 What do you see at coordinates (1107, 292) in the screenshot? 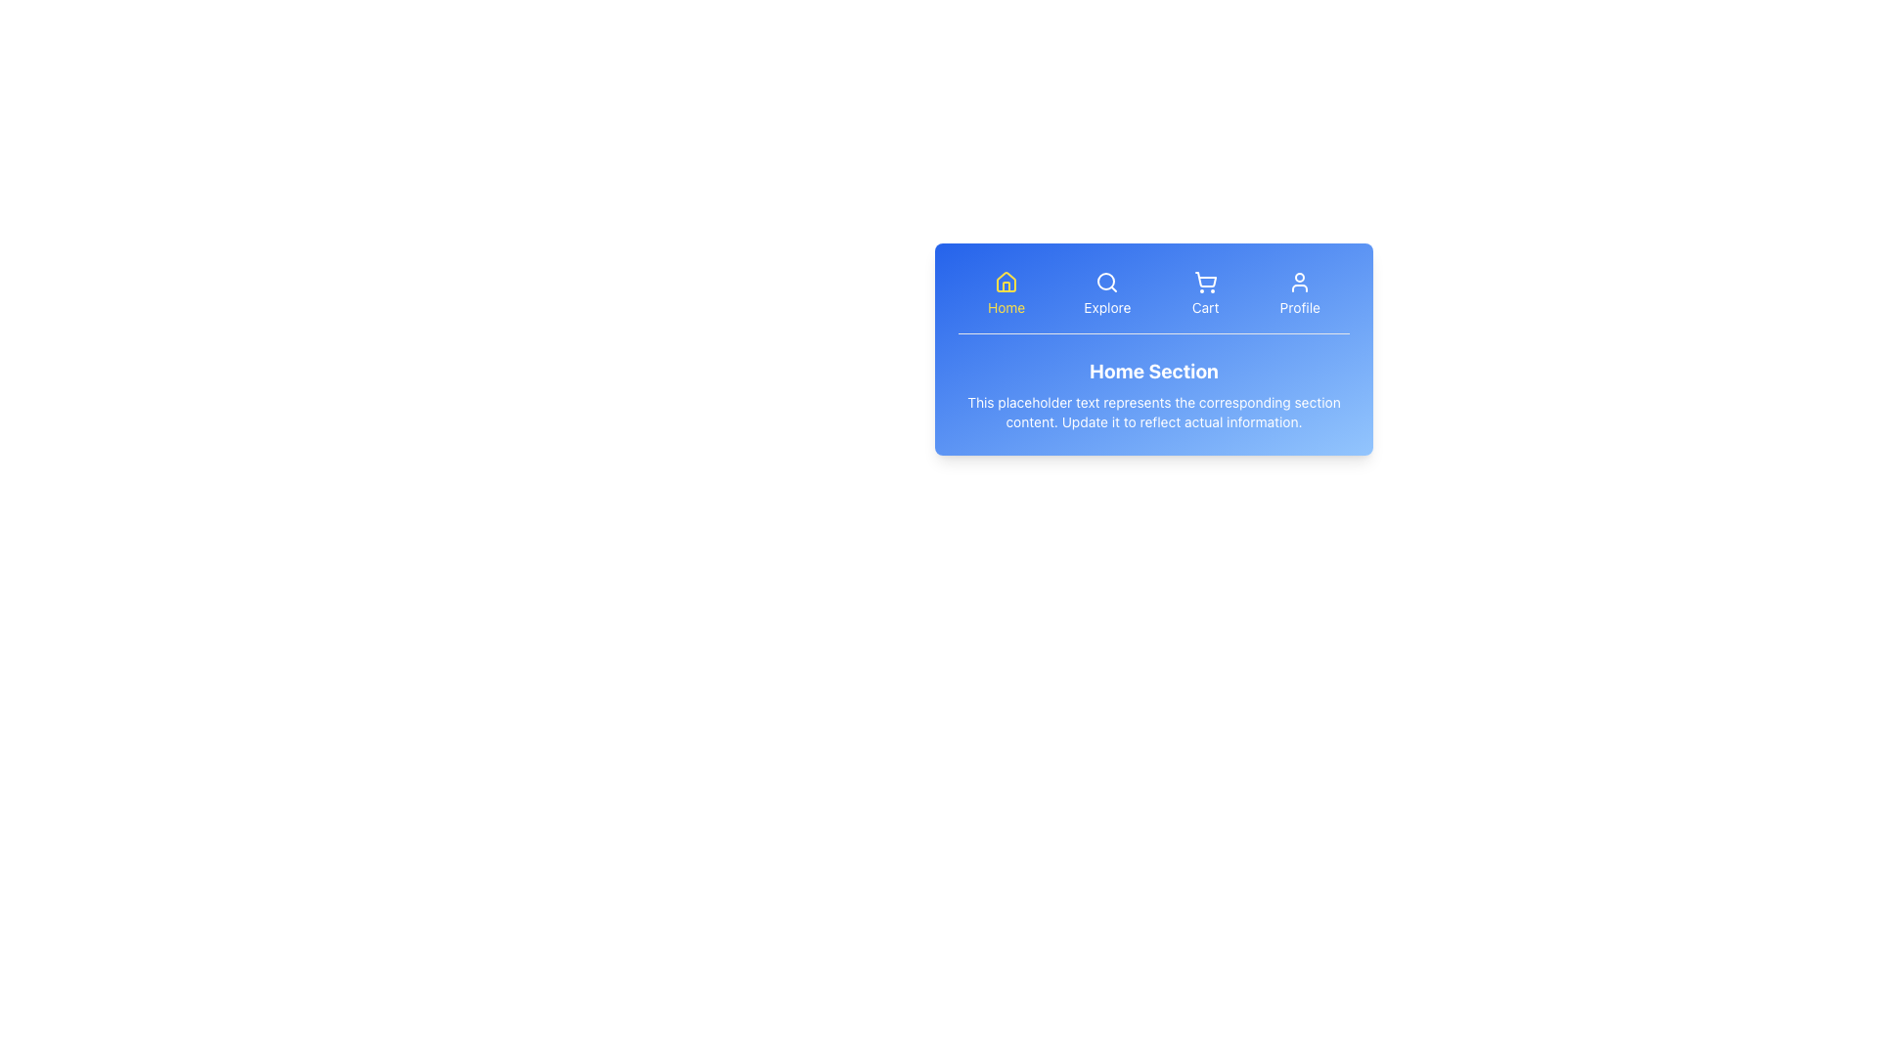
I see `the Navigation Button labeled 'Explore', which features a magnifying glass icon and a blue background` at bounding box center [1107, 292].